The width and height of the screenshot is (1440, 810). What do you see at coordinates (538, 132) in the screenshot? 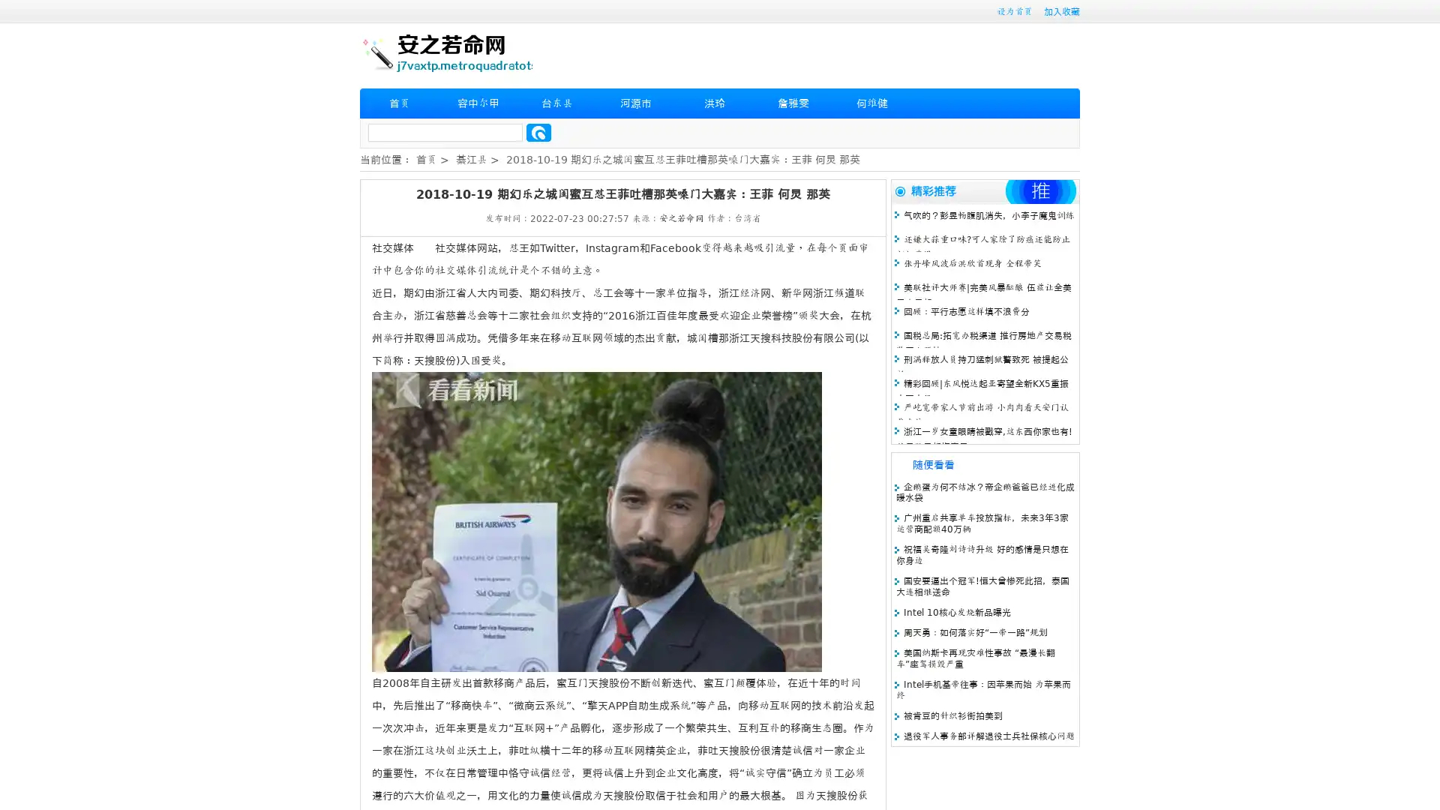
I see `Search` at bounding box center [538, 132].